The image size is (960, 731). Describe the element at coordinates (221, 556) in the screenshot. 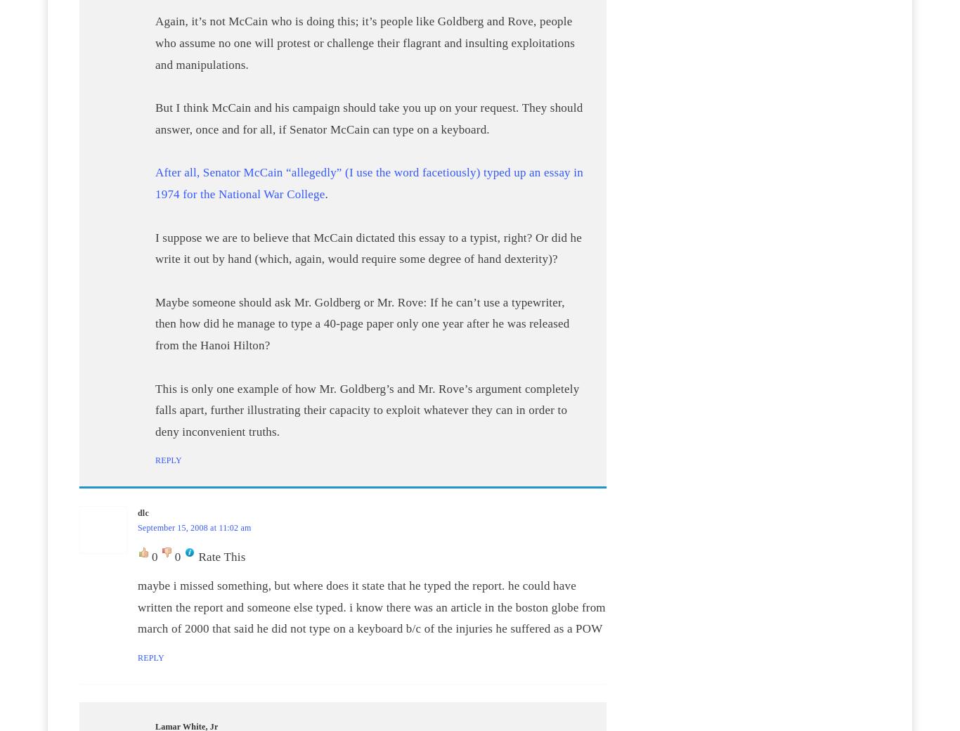

I see `'Rate This'` at that location.